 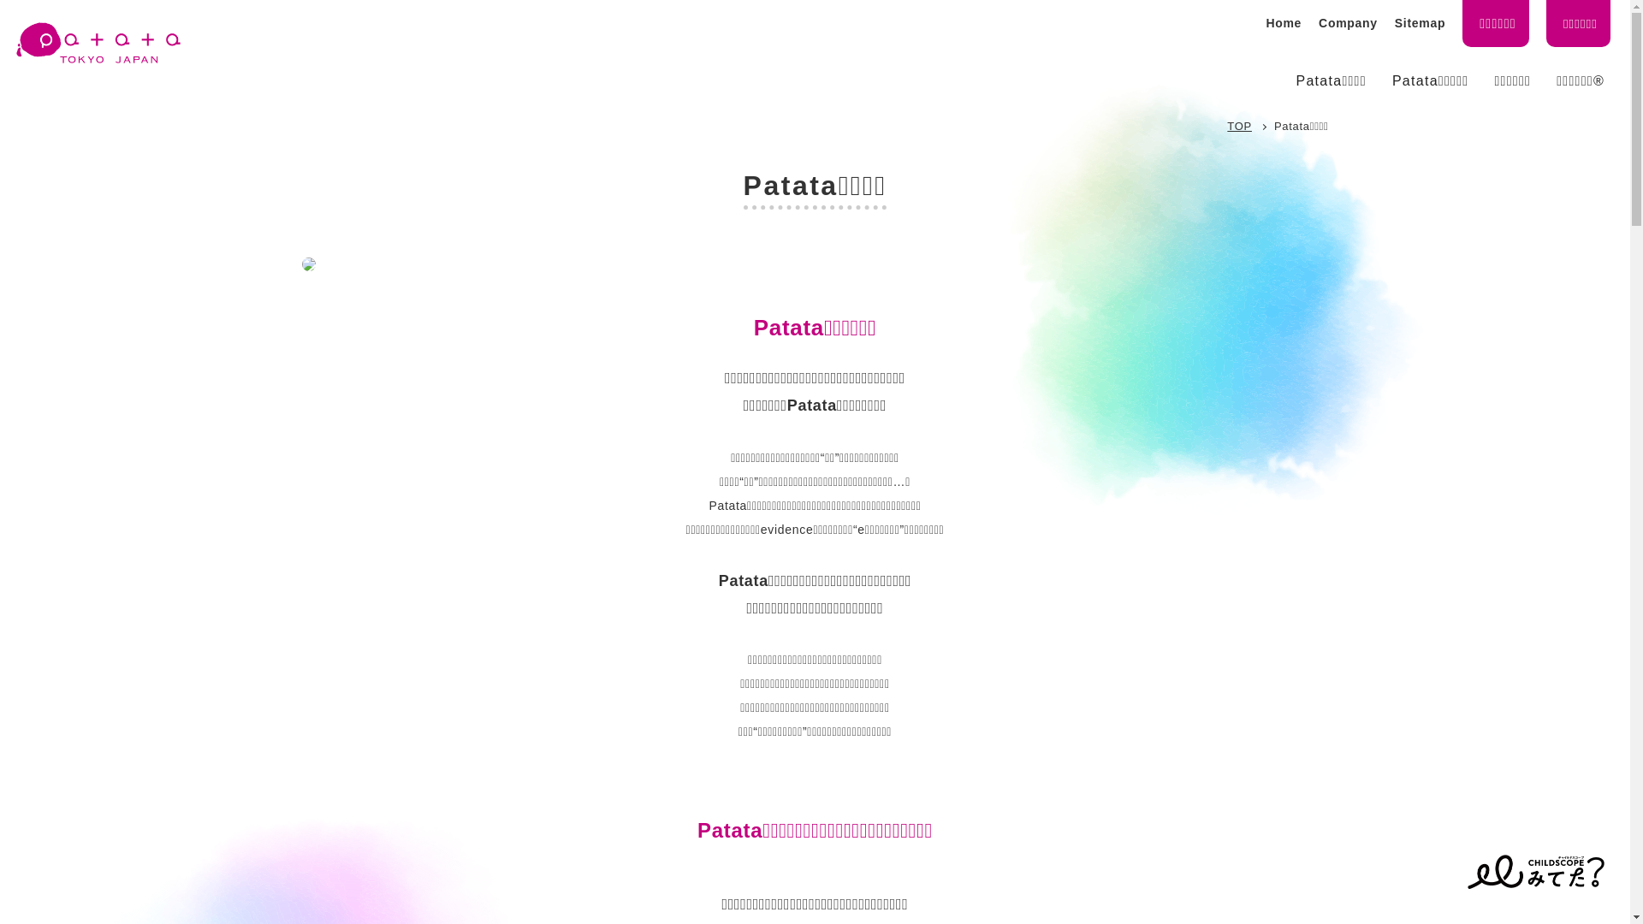 I want to click on 'Company', so click(x=1317, y=23).